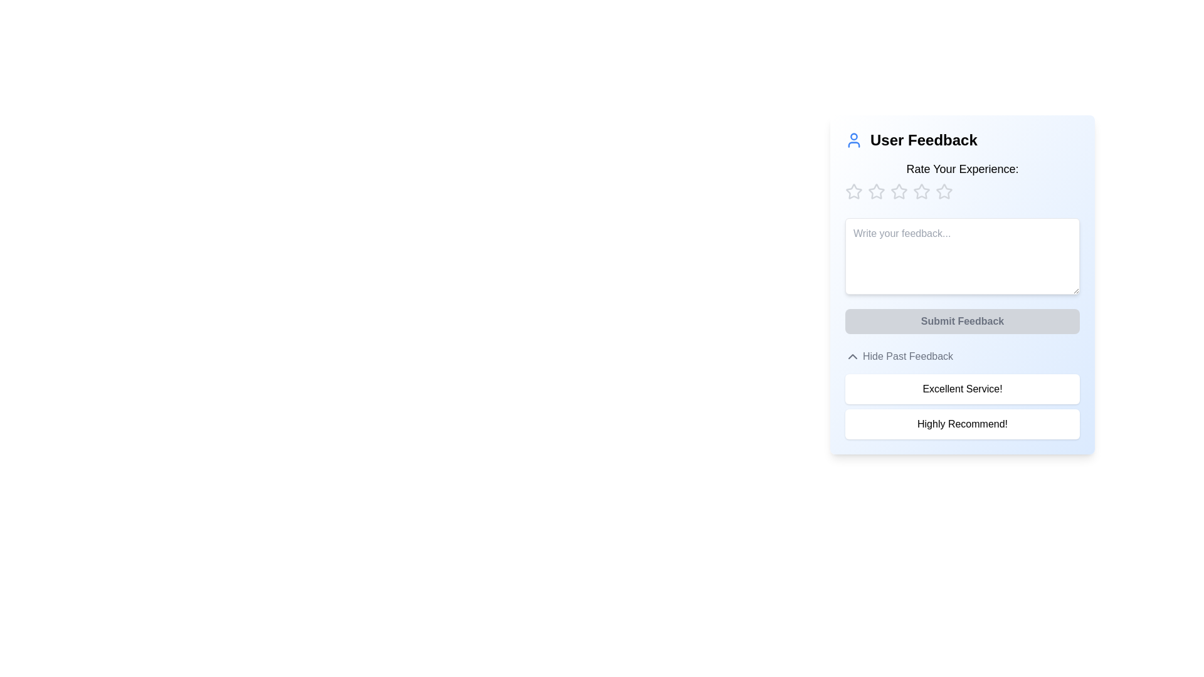 The image size is (1204, 677). I want to click on the second star icon in the rating row, so click(875, 191).